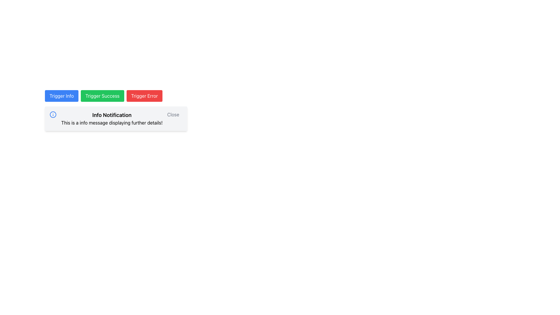 The height and width of the screenshot is (315, 560). Describe the element at coordinates (173, 115) in the screenshot. I see `the 'Close' button in the top-right corner of the notification box to change its text color from gray to black` at that location.